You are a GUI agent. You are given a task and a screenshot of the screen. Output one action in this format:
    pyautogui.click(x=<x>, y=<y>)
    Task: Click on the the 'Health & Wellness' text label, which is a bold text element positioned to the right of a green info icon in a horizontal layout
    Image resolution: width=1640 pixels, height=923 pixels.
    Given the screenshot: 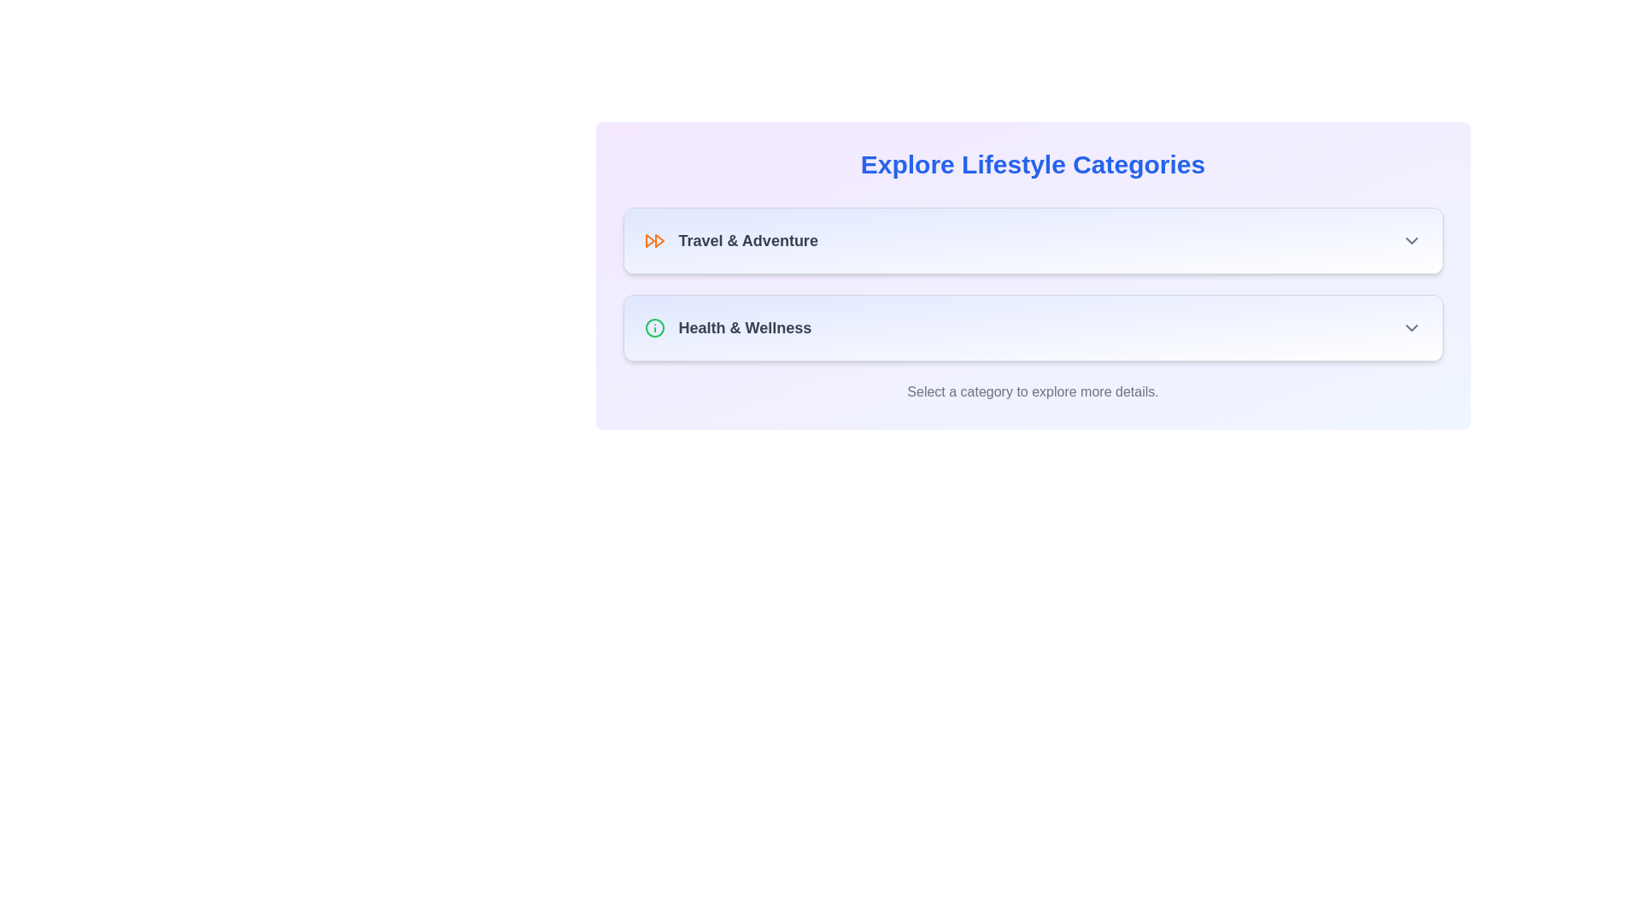 What is the action you would take?
    pyautogui.click(x=745, y=328)
    